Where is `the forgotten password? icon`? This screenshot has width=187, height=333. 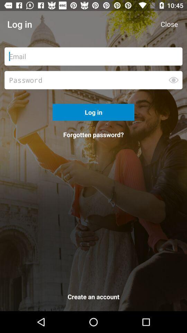
the forgotten password? icon is located at coordinates (93, 134).